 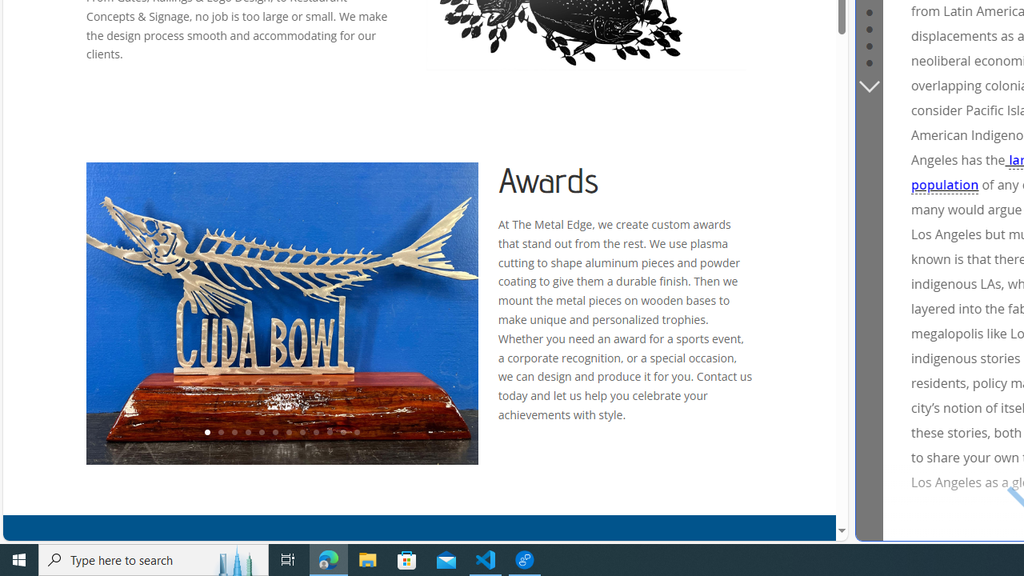 What do you see at coordinates (342, 433) in the screenshot?
I see `'11'` at bounding box center [342, 433].